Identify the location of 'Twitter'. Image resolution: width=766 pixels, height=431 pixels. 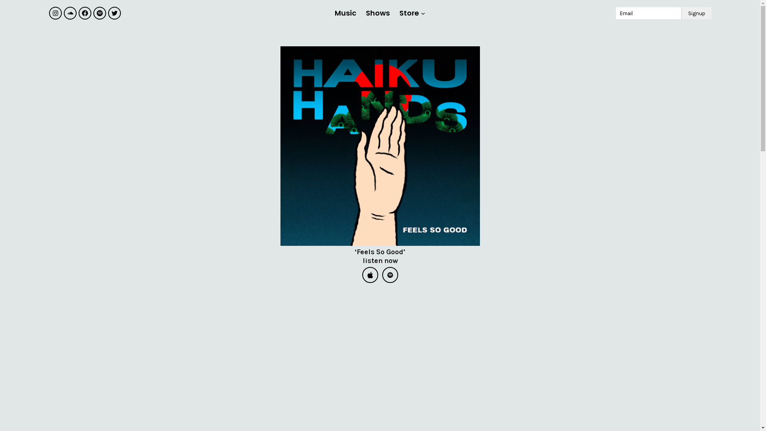
(107, 13).